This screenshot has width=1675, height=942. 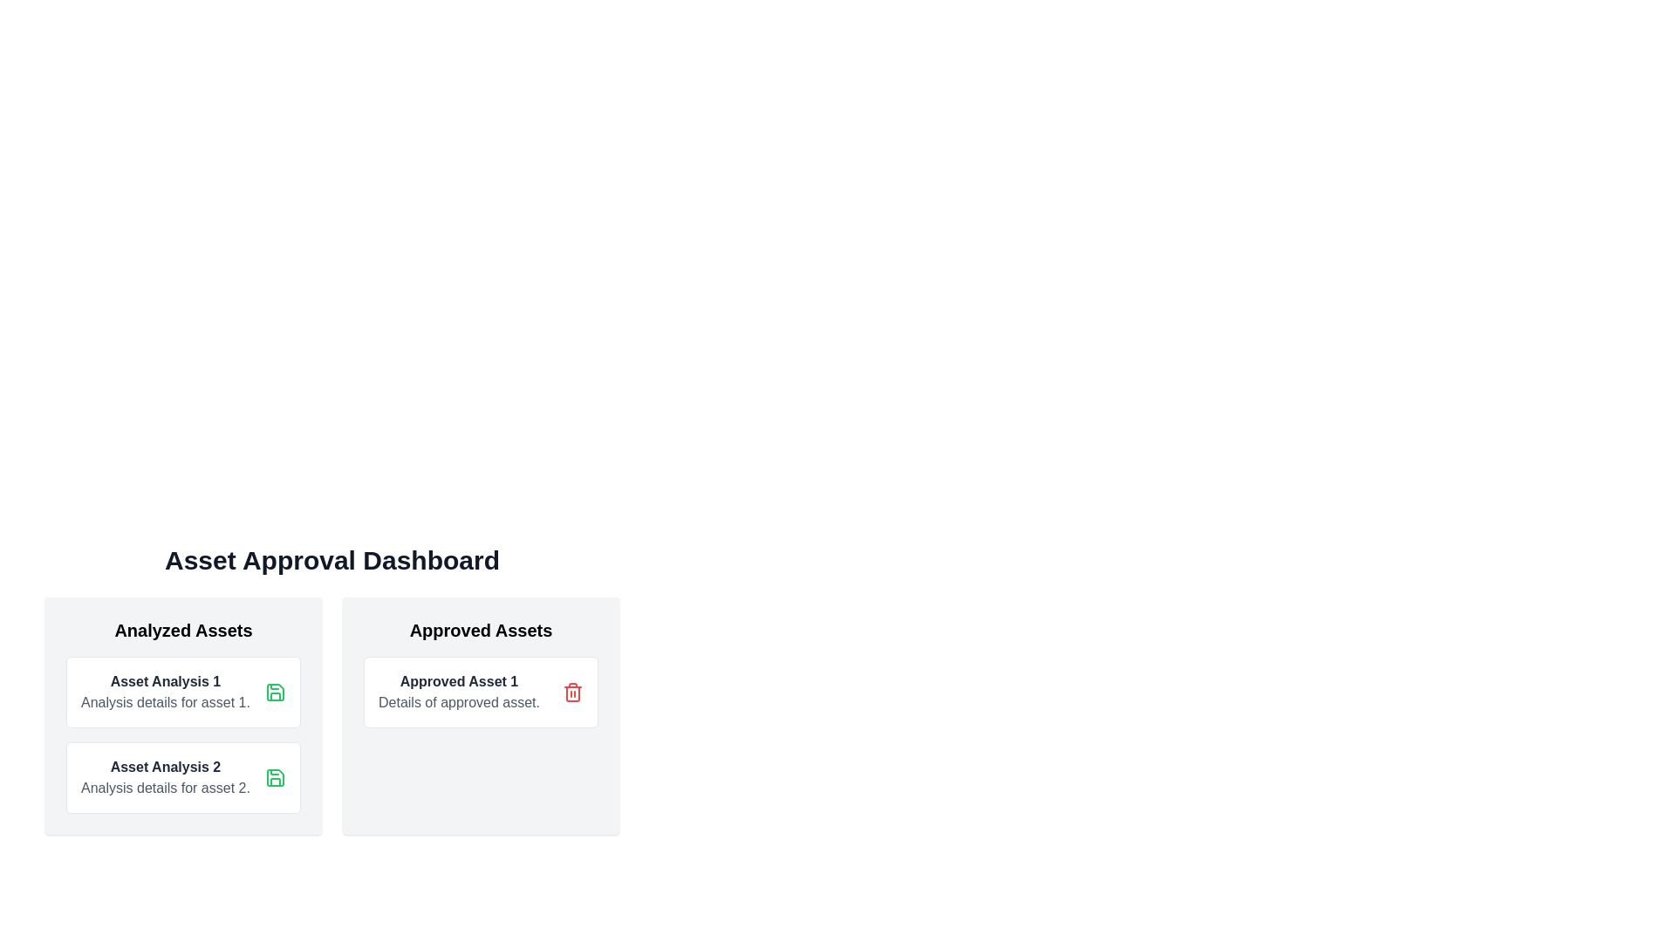 What do you see at coordinates (459, 692) in the screenshot?
I see `the interactive button associated with the 'Approved Asset 1' label` at bounding box center [459, 692].